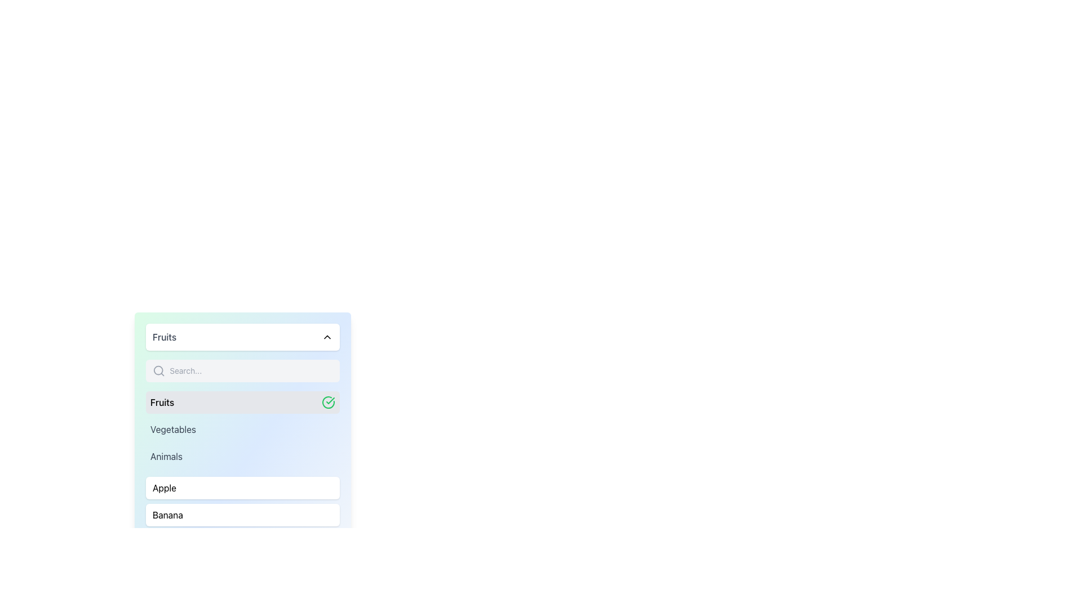 The image size is (1082, 608). Describe the element at coordinates (167, 515) in the screenshot. I see `the text label 'Banana'` at that location.